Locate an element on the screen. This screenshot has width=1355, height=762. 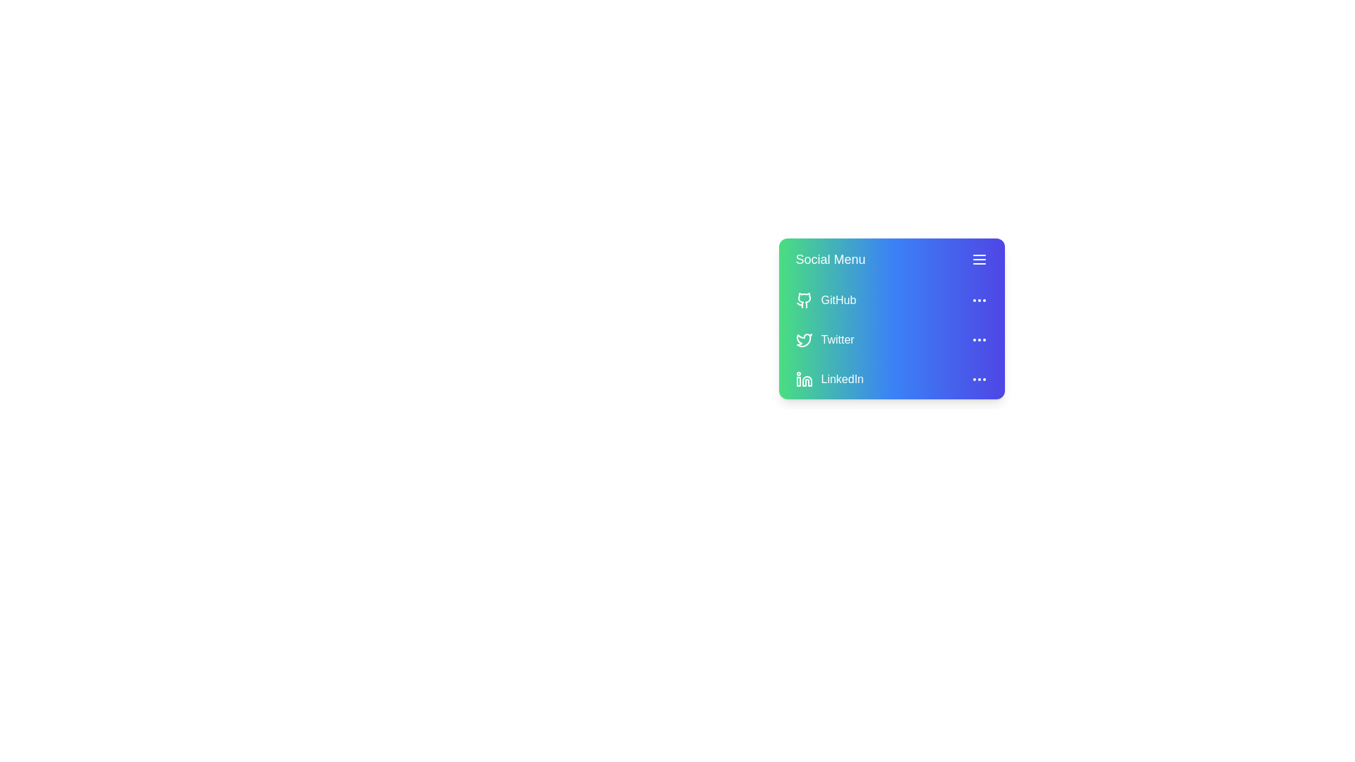
the menu item Twitter to see the hover effect is located at coordinates (891, 340).